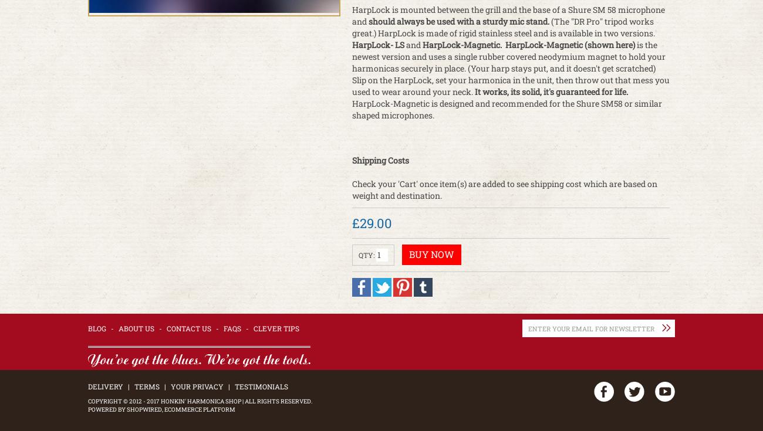 The width and height of the screenshot is (763, 431). I want to click on 'Ecommerce Platform', so click(164, 409).